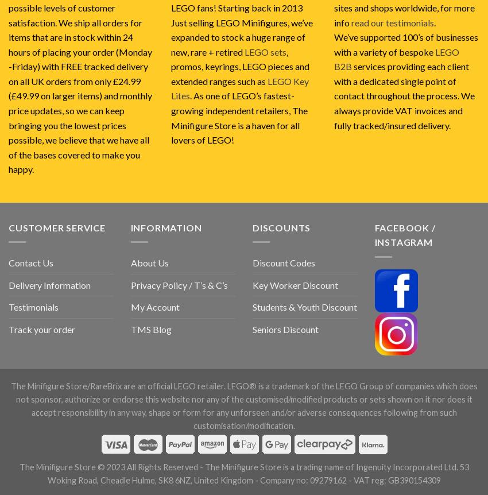 This screenshot has width=488, height=495. Describe the element at coordinates (285, 328) in the screenshot. I see `'Seniors Discount'` at that location.